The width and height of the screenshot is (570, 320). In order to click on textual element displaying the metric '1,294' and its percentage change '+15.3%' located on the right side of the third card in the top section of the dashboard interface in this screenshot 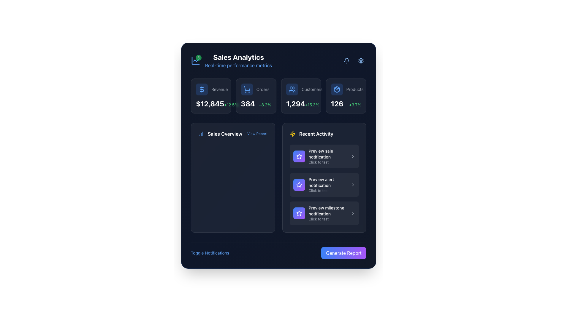, I will do `click(301, 103)`.